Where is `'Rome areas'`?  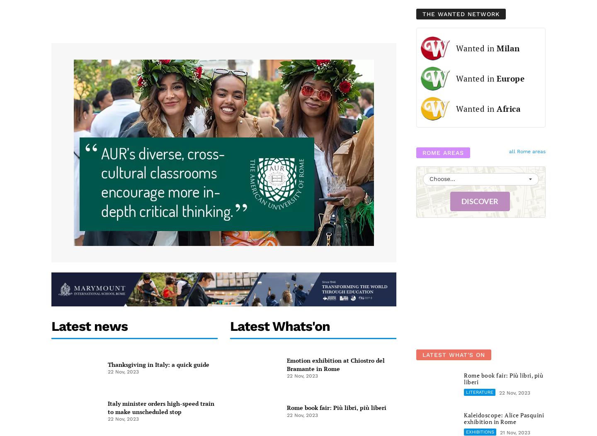
'Rome areas' is located at coordinates (443, 152).